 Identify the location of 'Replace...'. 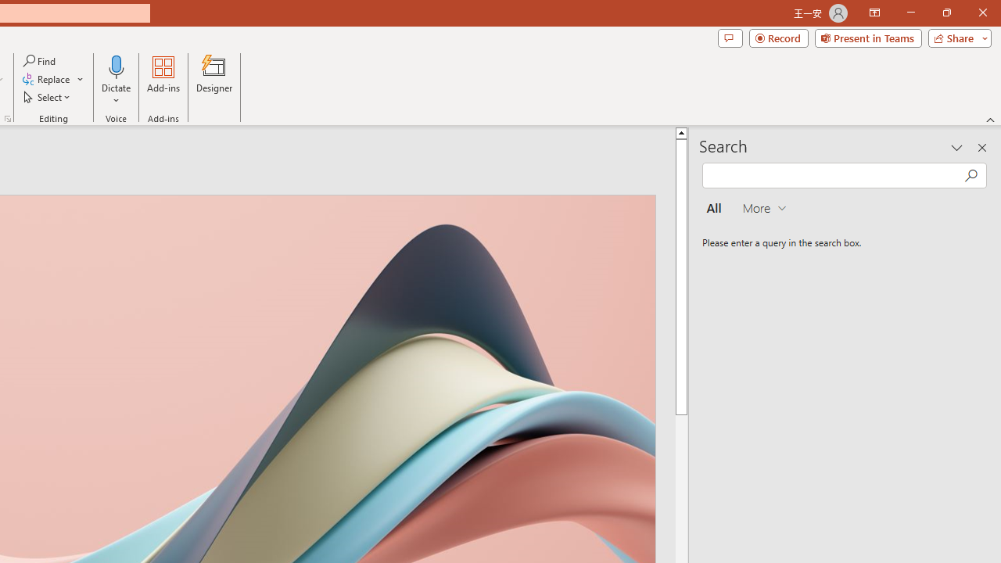
(54, 79).